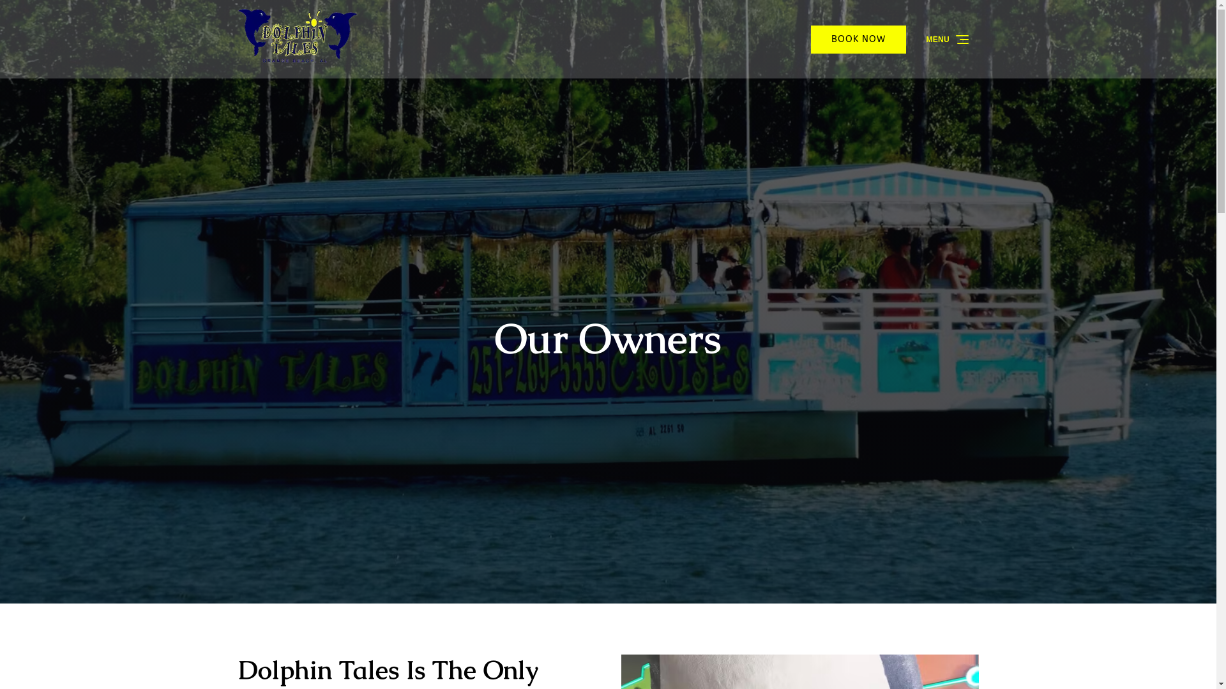 The width and height of the screenshot is (1226, 689). Describe the element at coordinates (858, 38) in the screenshot. I see `'BOOK NOW'` at that location.